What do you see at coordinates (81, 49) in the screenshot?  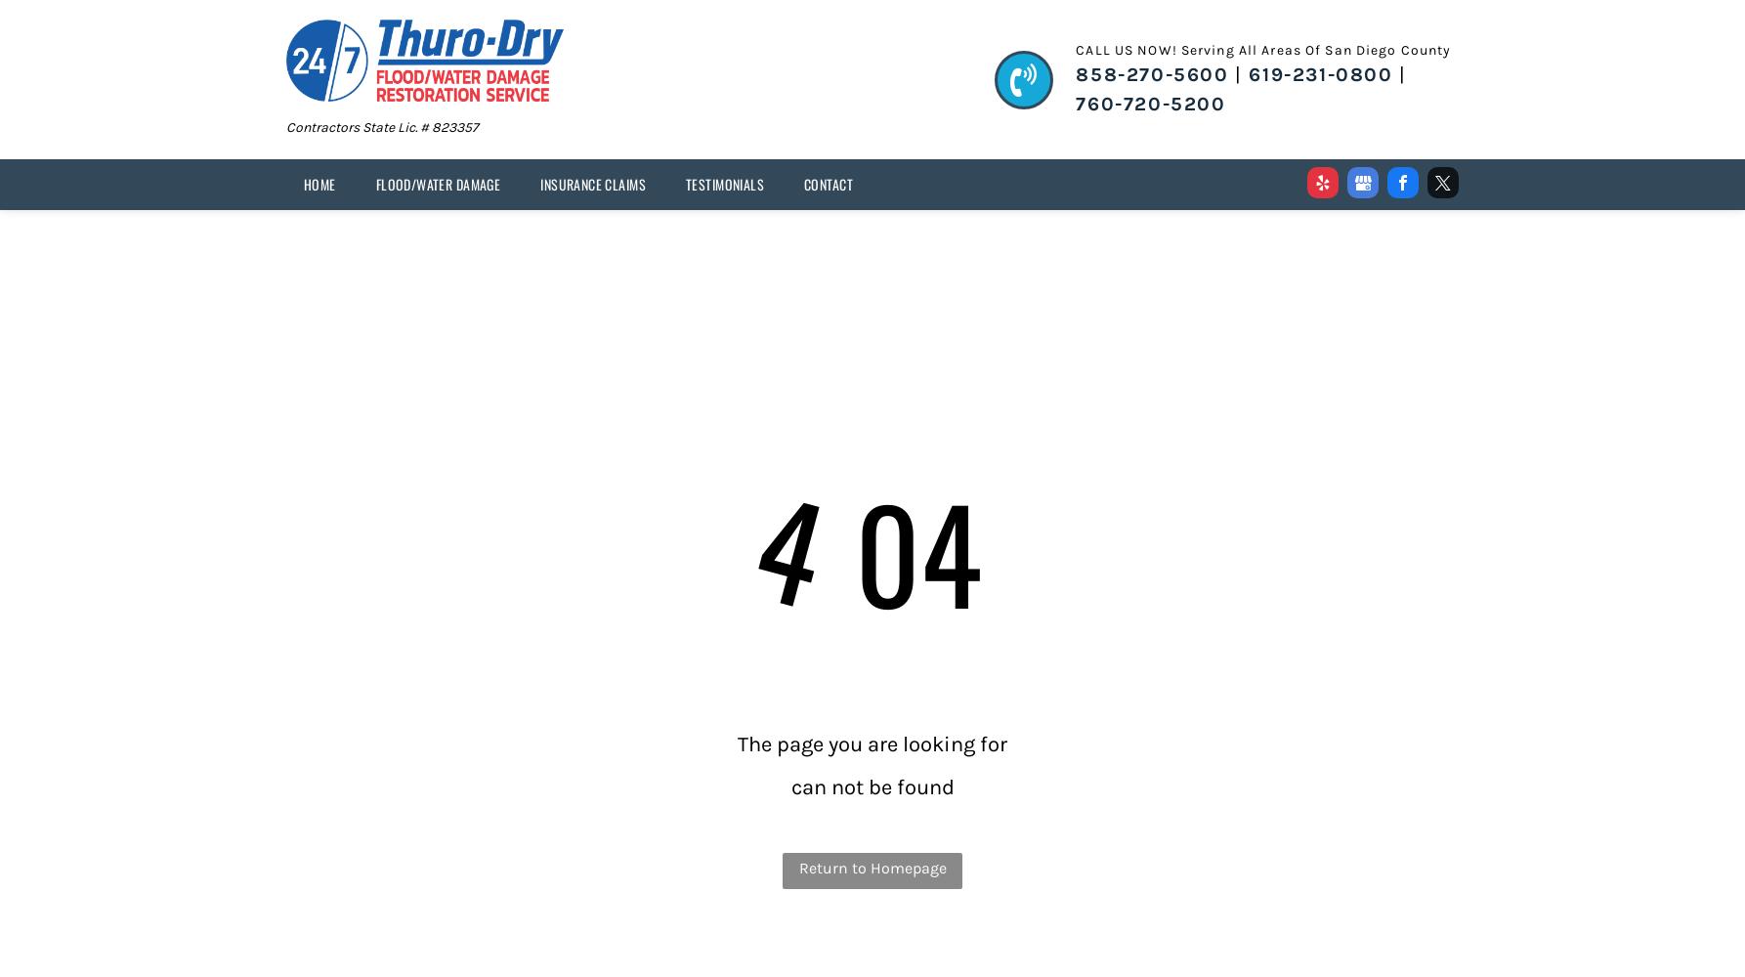 I see `'Share by:'` at bounding box center [81, 49].